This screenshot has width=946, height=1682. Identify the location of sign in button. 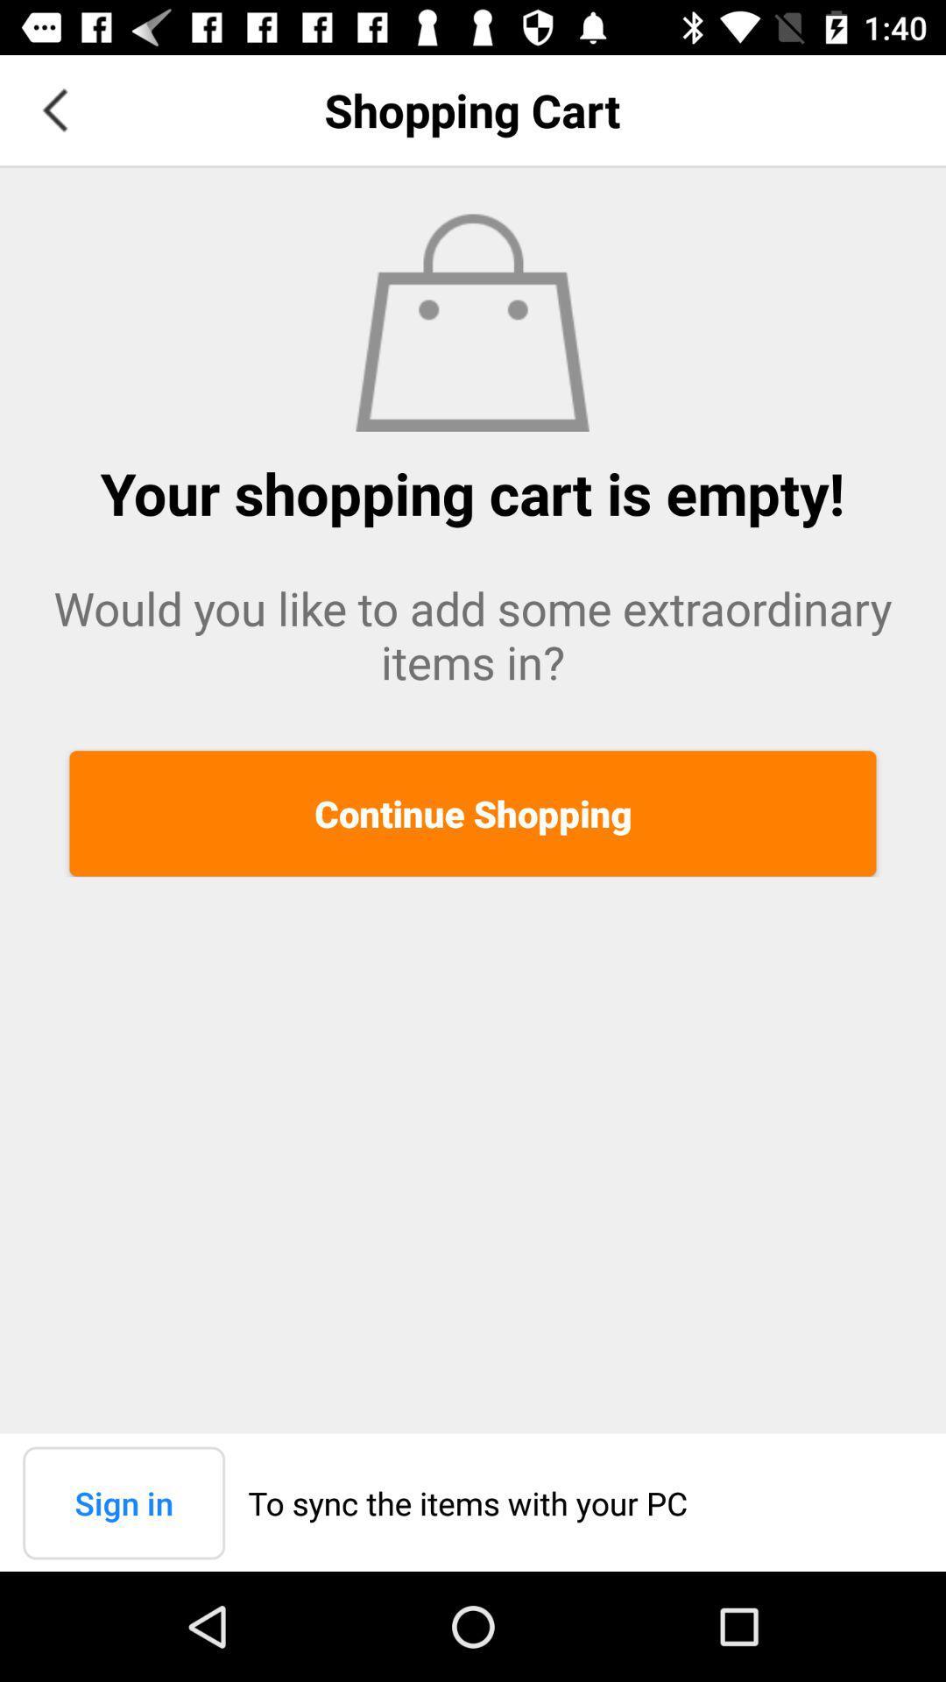
(123, 1502).